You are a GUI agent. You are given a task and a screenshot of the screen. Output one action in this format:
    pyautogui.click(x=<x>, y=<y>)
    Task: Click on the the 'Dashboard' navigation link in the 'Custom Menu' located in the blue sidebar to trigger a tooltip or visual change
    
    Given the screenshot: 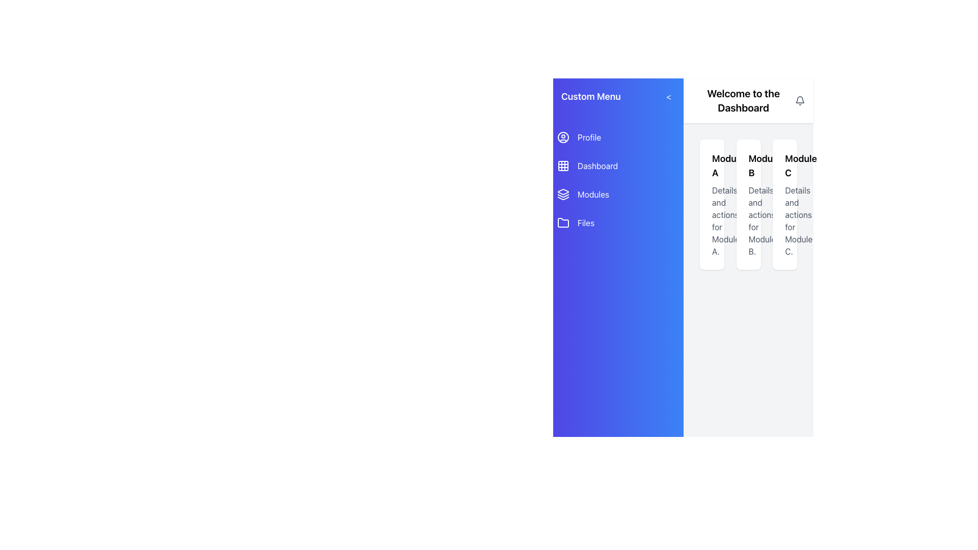 What is the action you would take?
    pyautogui.click(x=597, y=166)
    